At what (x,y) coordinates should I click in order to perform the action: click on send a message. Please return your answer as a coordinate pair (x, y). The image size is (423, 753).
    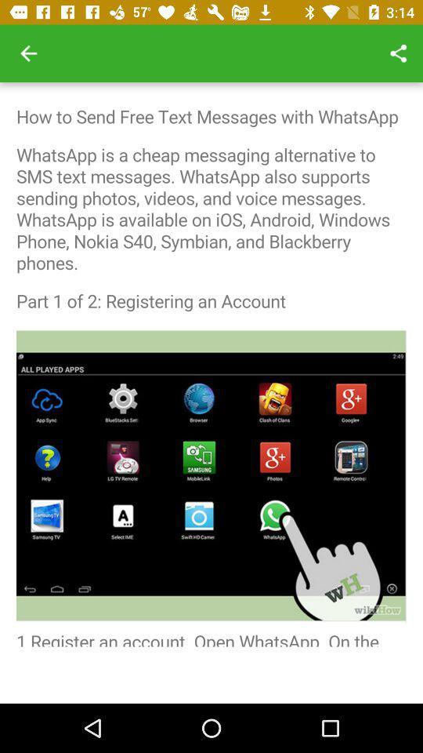
    Looking at the image, I should click on (211, 364).